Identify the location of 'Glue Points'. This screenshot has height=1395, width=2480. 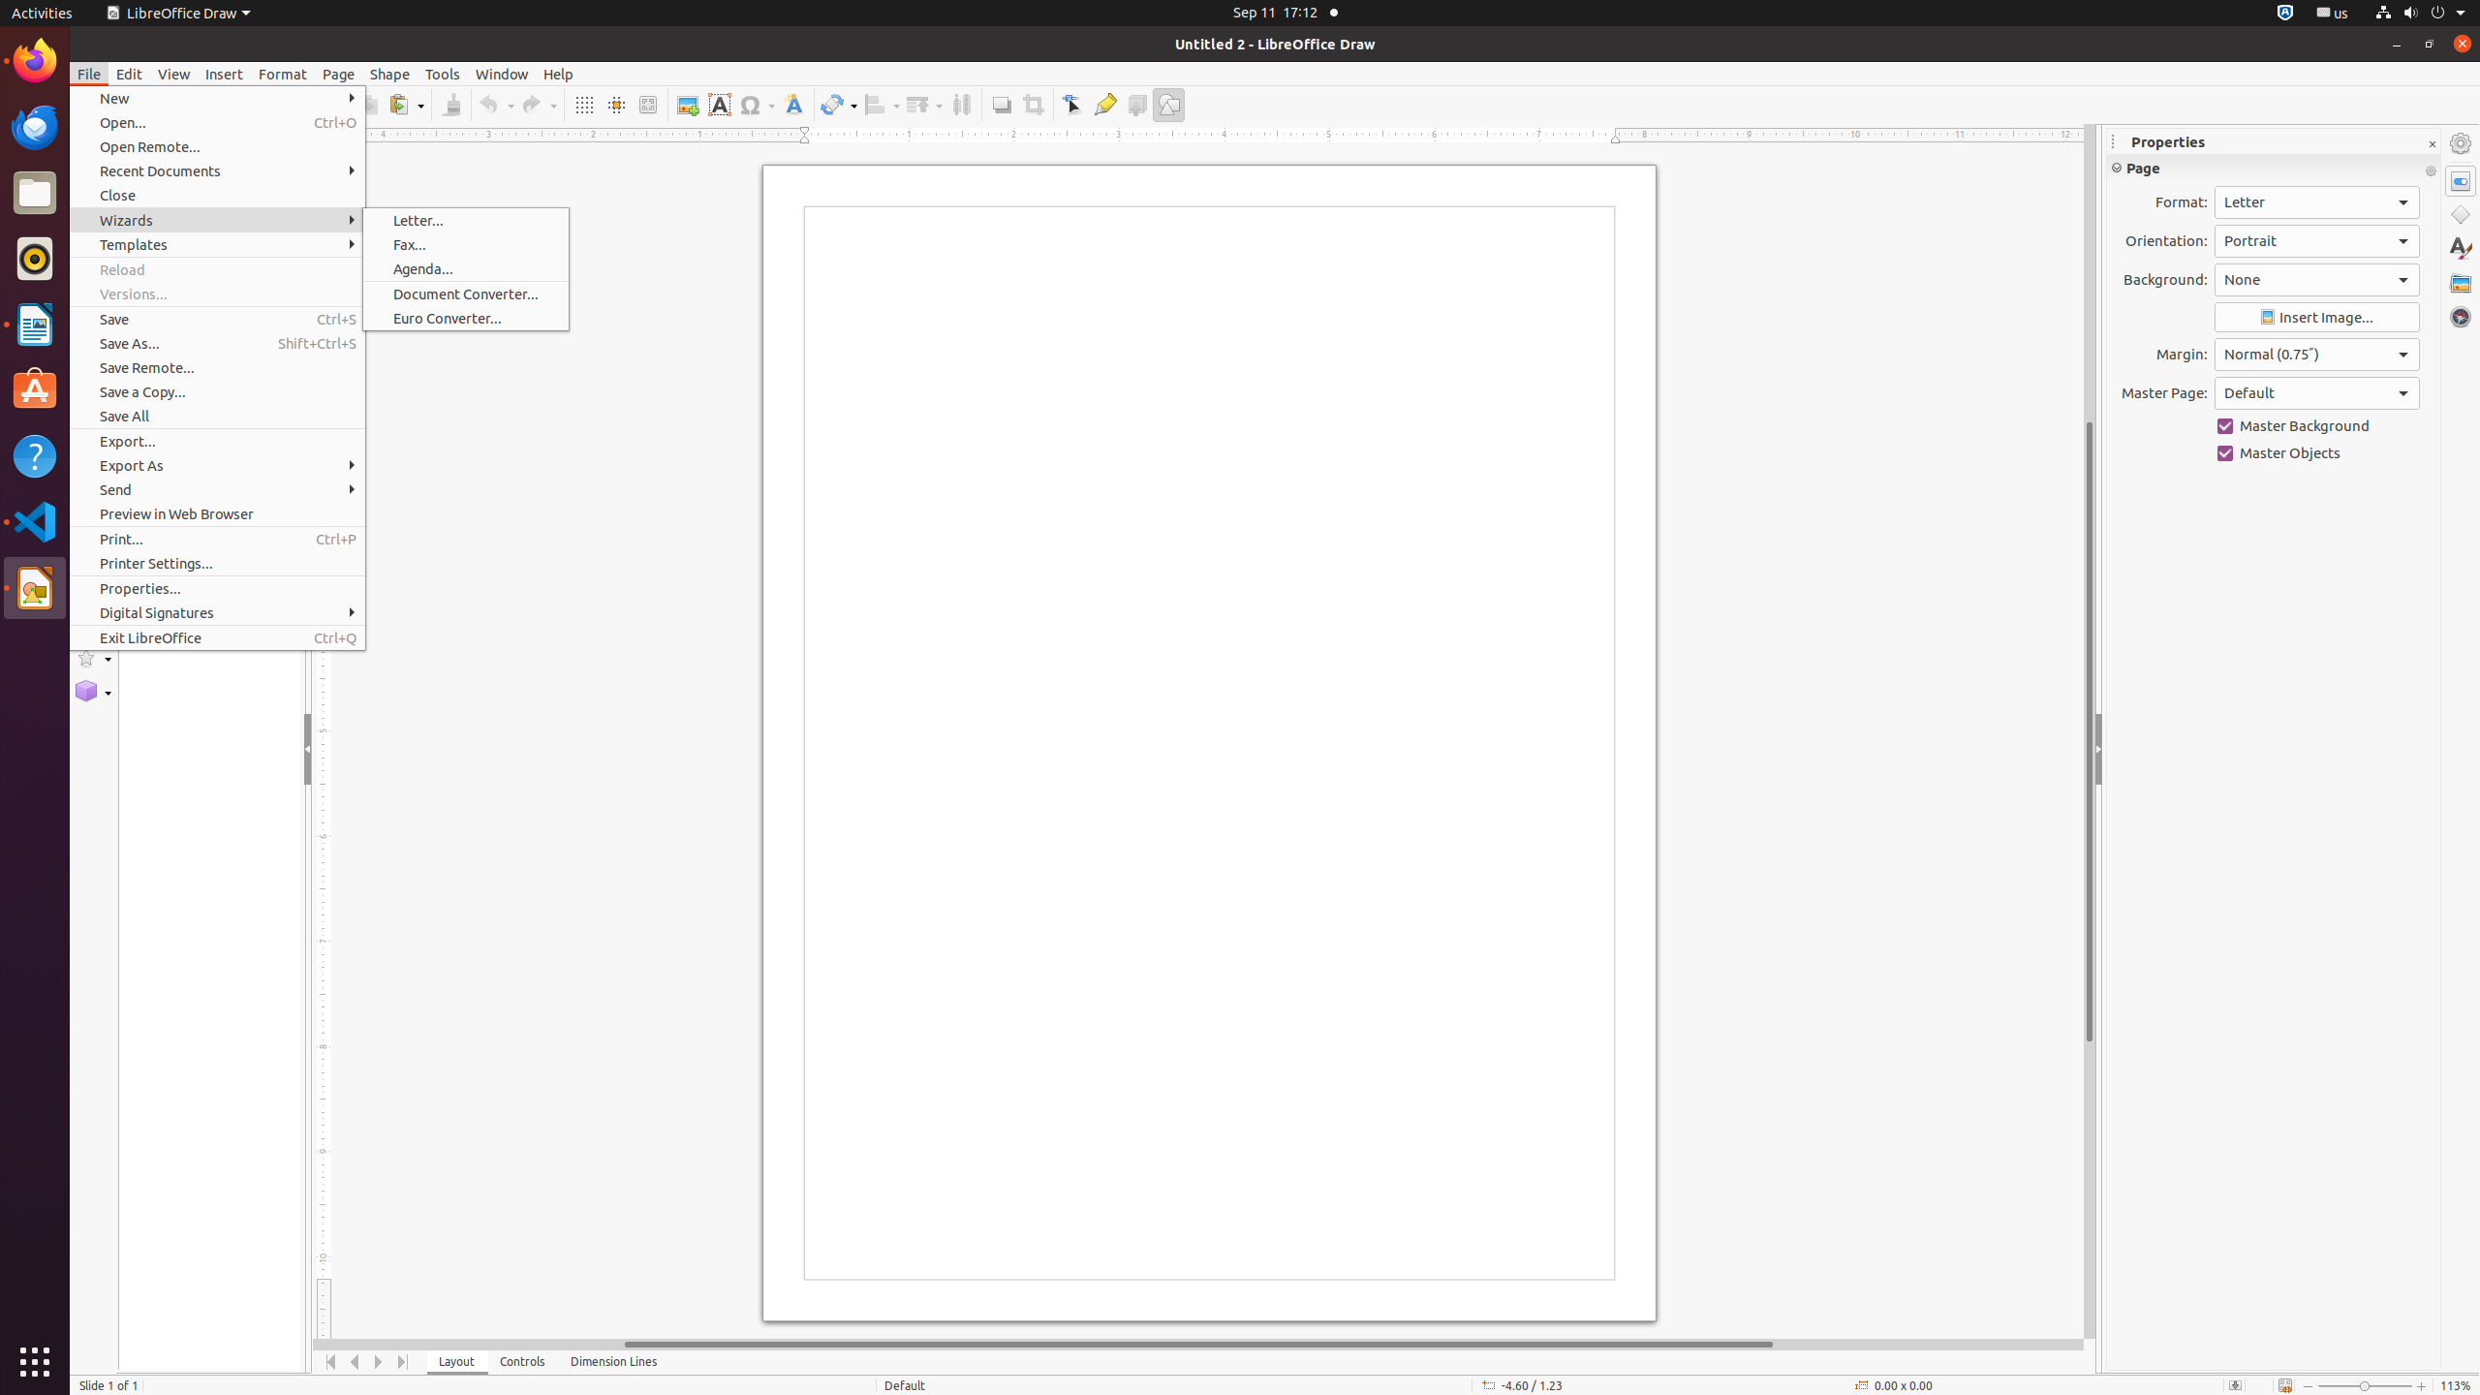
(1104, 104).